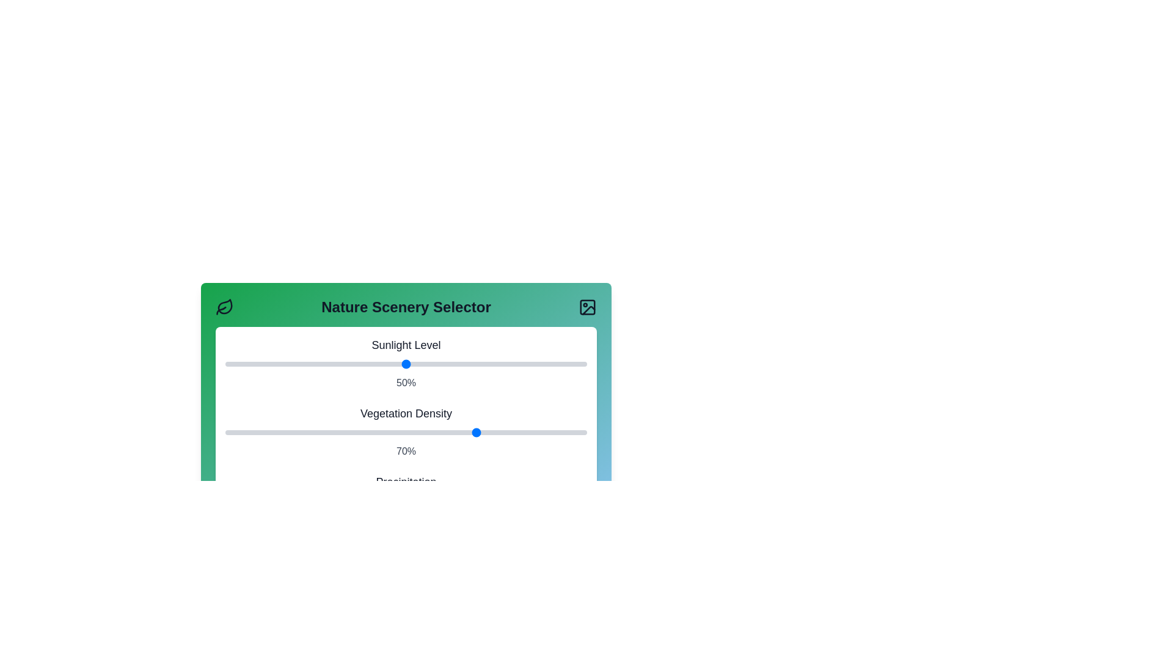 This screenshot has height=660, width=1173. I want to click on the Sunlight Level slider to 25%, so click(316, 364).